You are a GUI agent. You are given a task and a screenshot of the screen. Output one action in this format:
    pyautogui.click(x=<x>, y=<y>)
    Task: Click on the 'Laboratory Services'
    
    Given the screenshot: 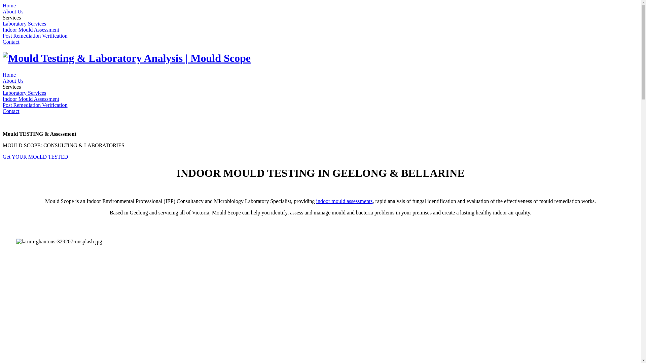 What is the action you would take?
    pyautogui.click(x=3, y=23)
    